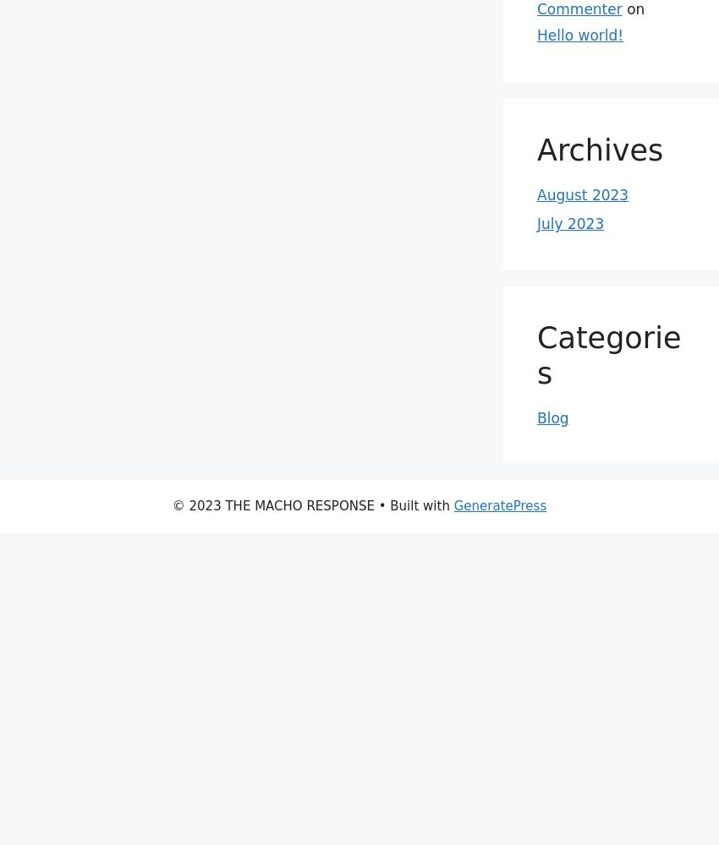  Describe the element at coordinates (570, 224) in the screenshot. I see `'July 2023'` at that location.